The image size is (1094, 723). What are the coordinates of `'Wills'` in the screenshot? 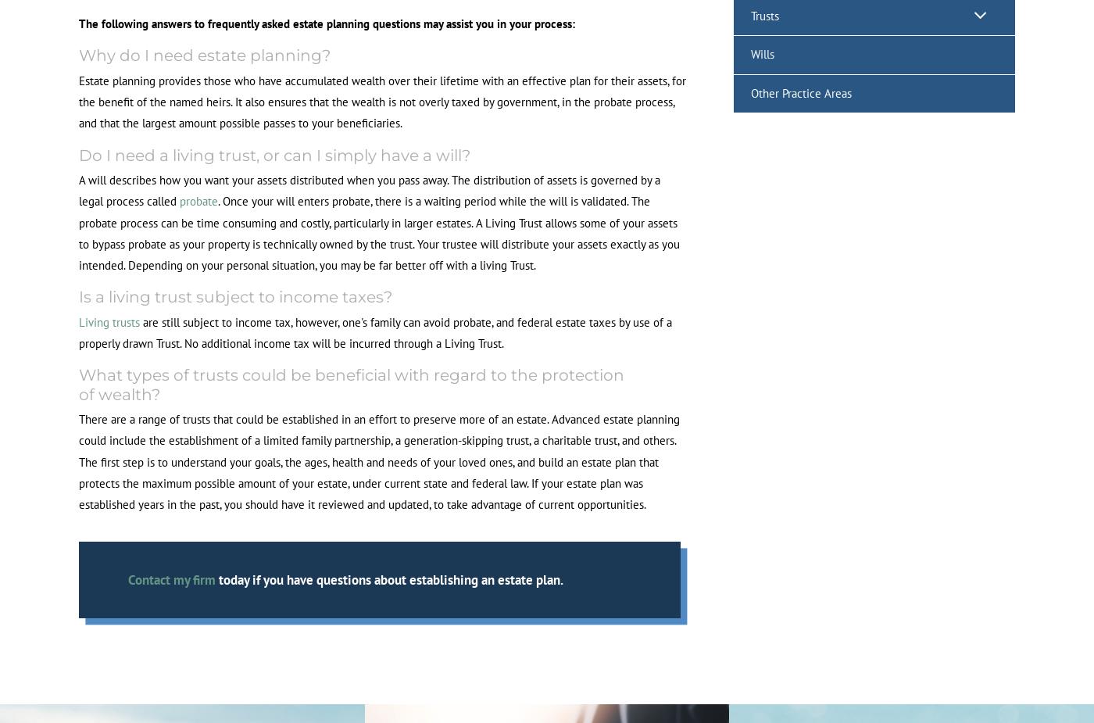 It's located at (762, 53).